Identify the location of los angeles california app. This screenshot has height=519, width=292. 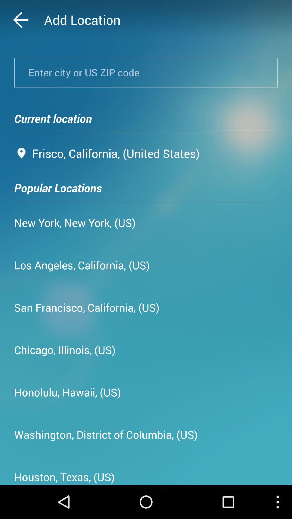
(82, 265).